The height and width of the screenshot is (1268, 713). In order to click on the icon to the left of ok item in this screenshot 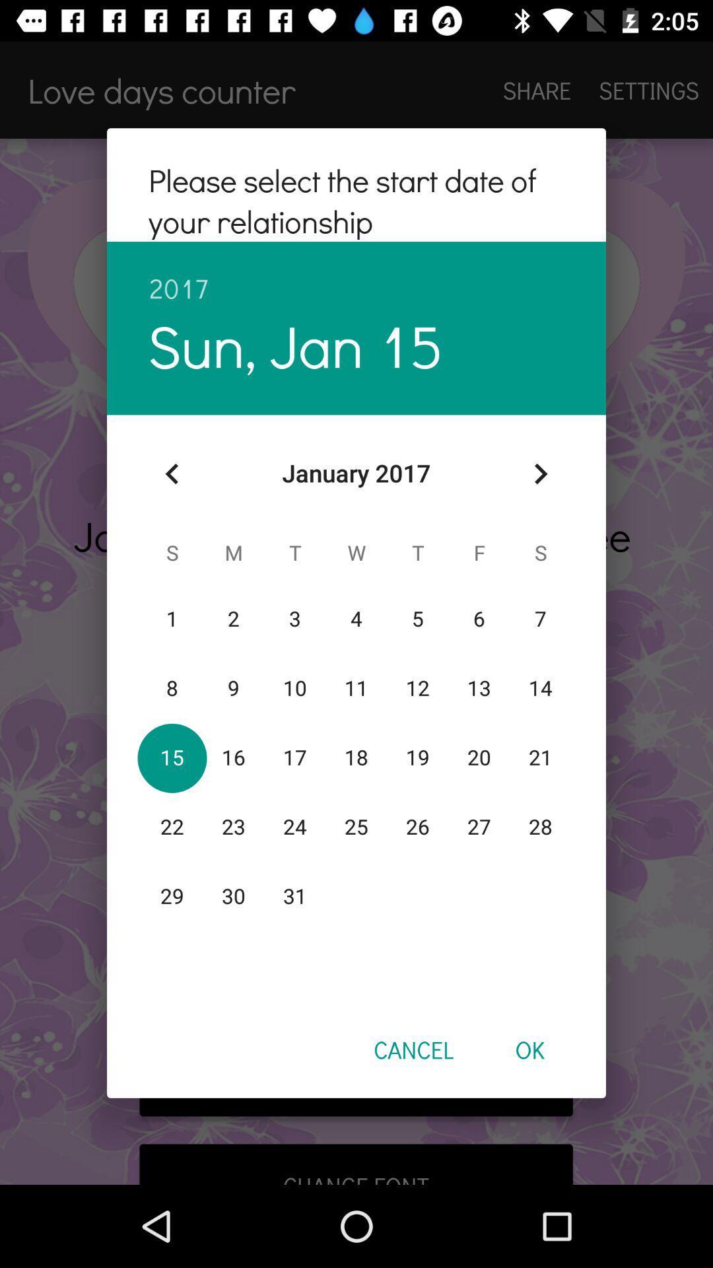, I will do `click(413, 1049)`.